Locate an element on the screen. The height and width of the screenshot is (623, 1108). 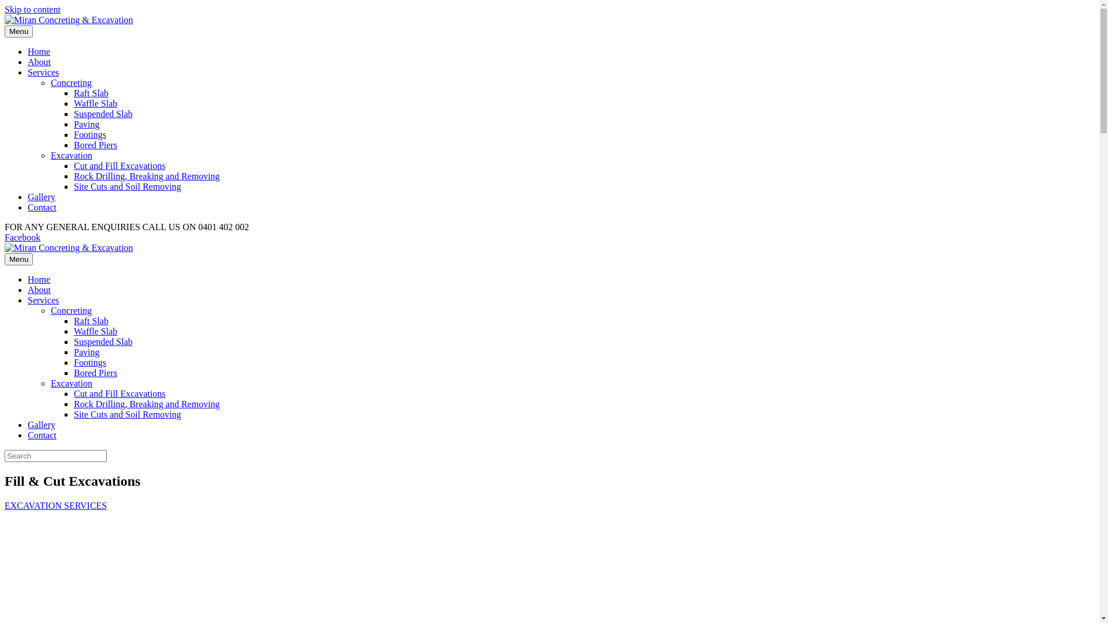
'Waffle Slab' is located at coordinates (95, 103).